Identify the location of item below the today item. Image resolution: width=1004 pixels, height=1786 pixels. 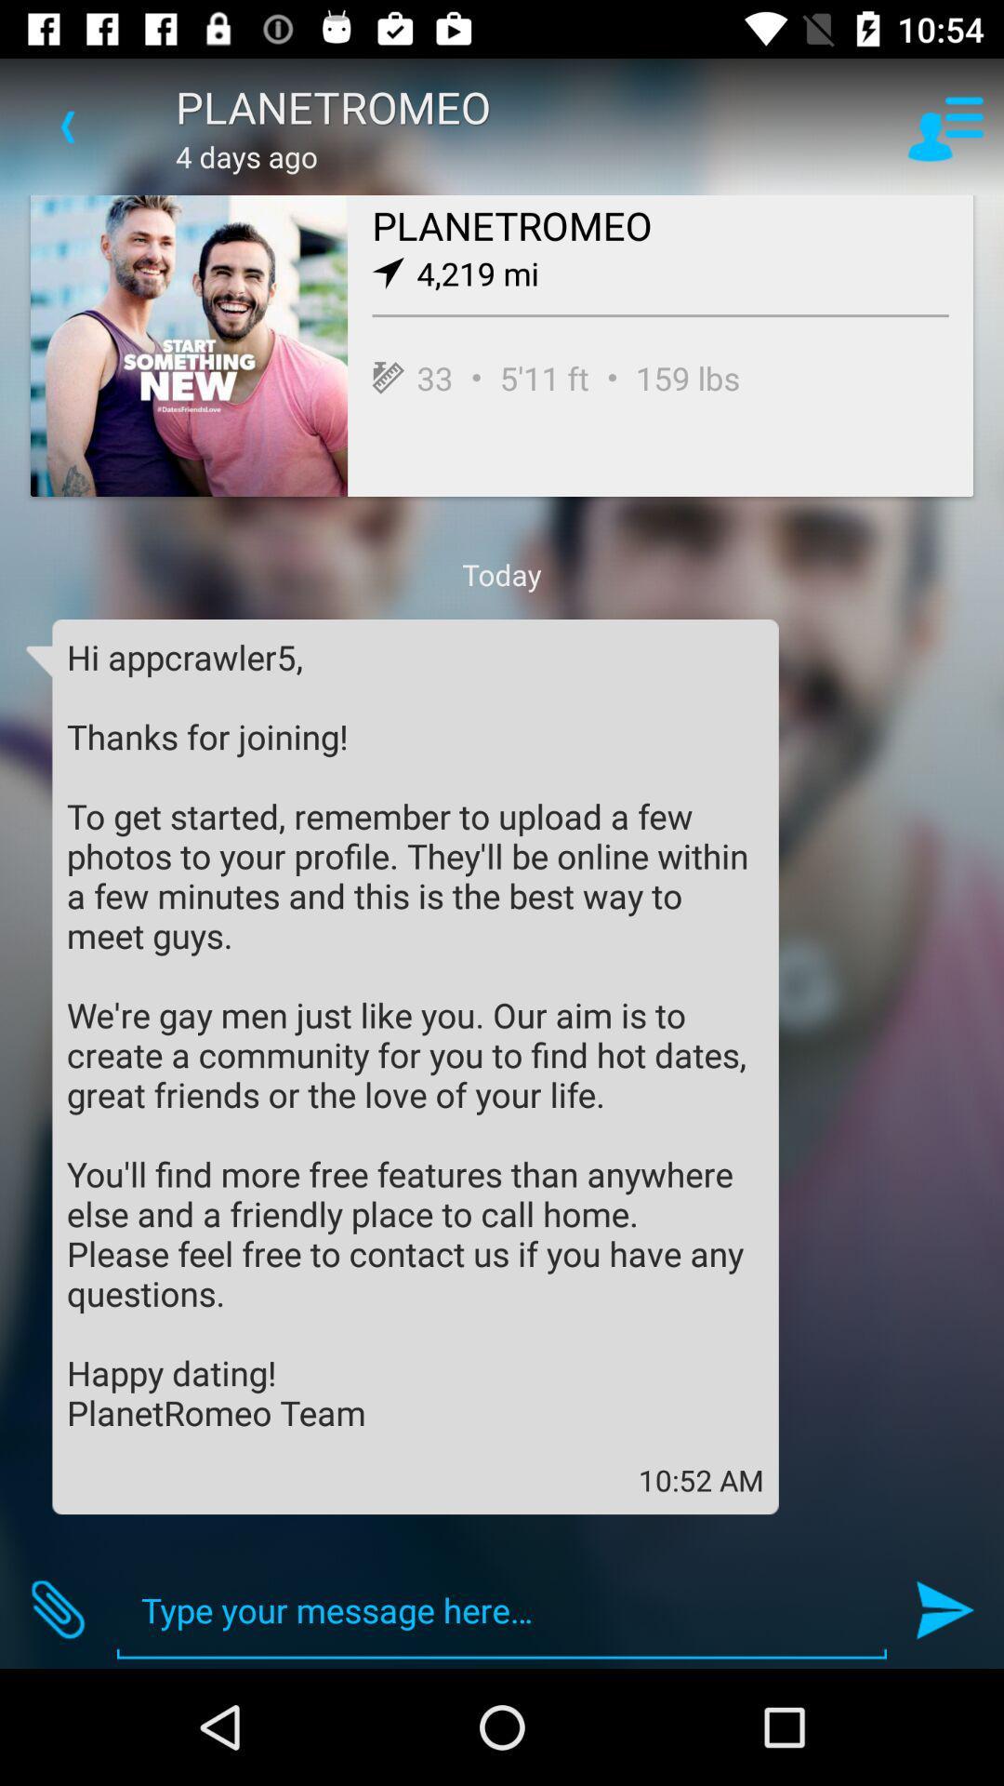
(415, 1033).